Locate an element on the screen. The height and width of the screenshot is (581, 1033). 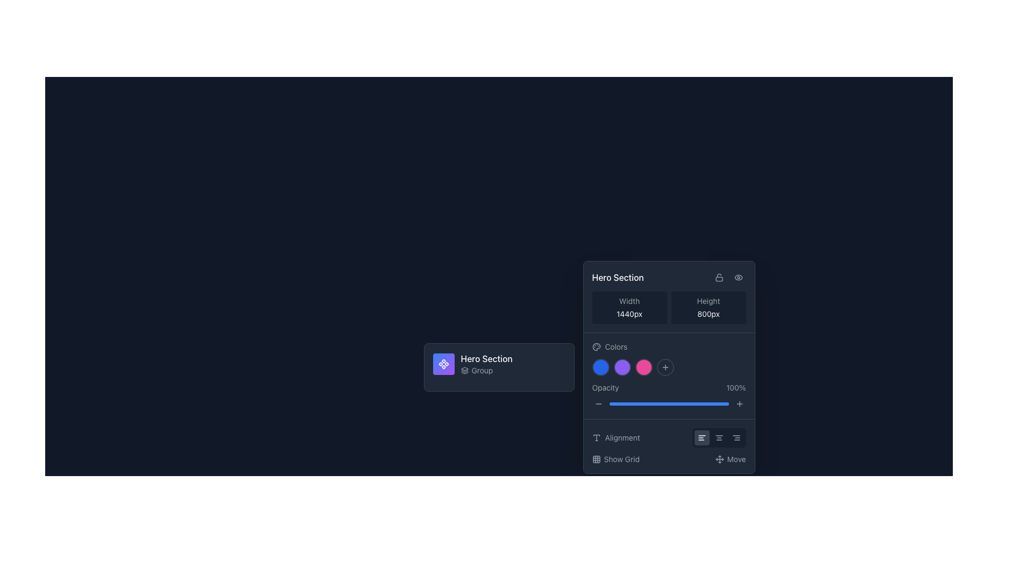
the Decorative SVG rectangle with rounded corners located in the center of a 3x3 grid layout is located at coordinates (596, 459).